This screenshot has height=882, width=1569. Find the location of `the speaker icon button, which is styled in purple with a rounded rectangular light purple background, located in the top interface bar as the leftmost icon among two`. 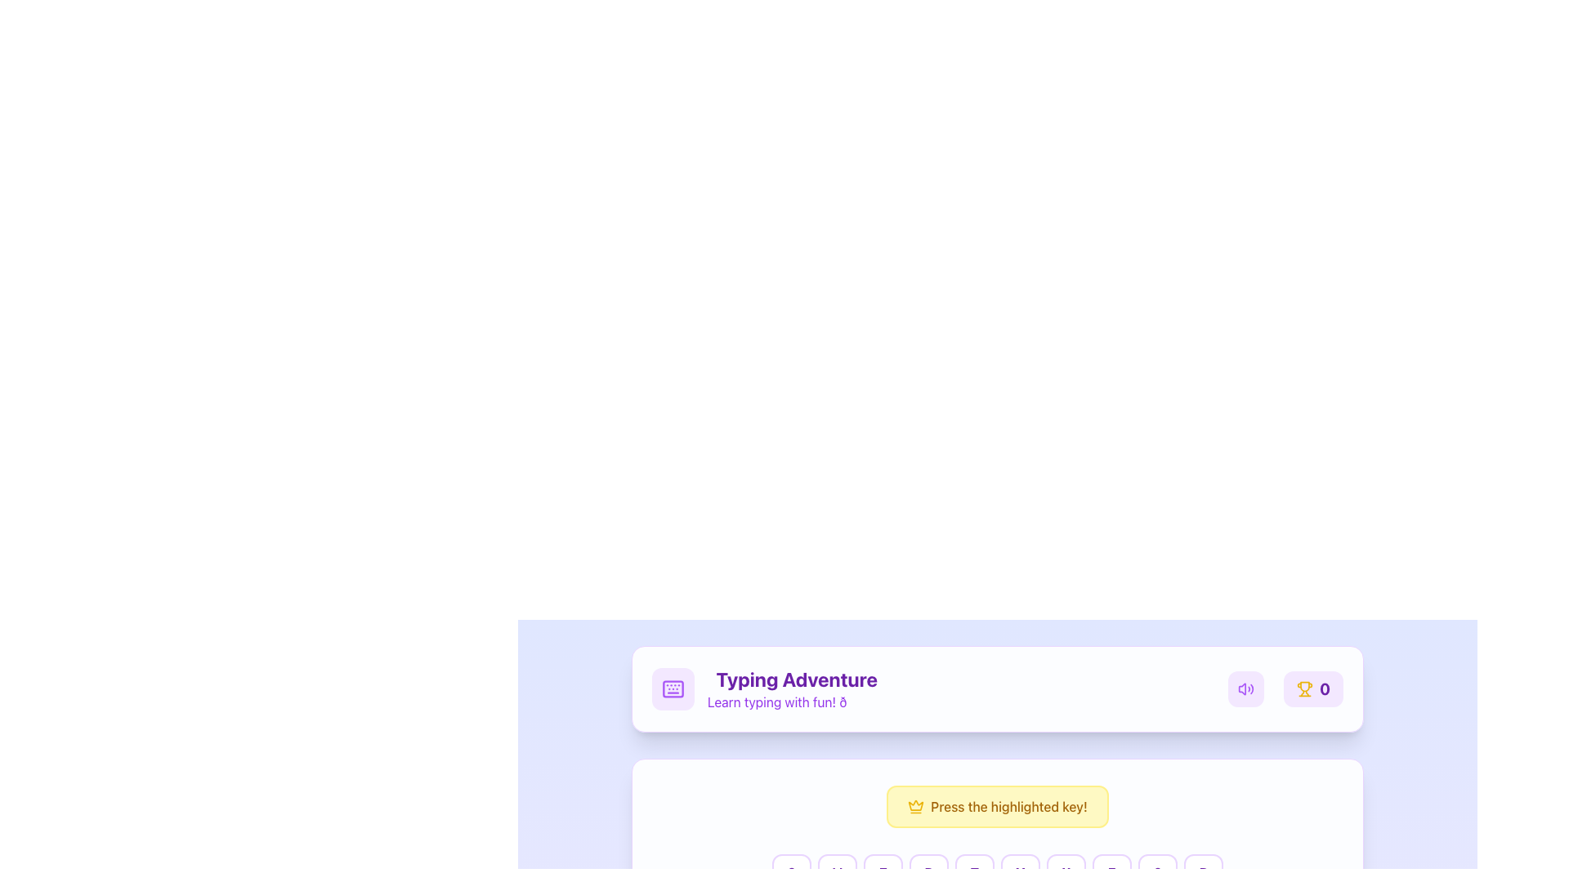

the speaker icon button, which is styled in purple with a rounded rectangular light purple background, located in the top interface bar as the leftmost icon among two is located at coordinates (1245, 689).